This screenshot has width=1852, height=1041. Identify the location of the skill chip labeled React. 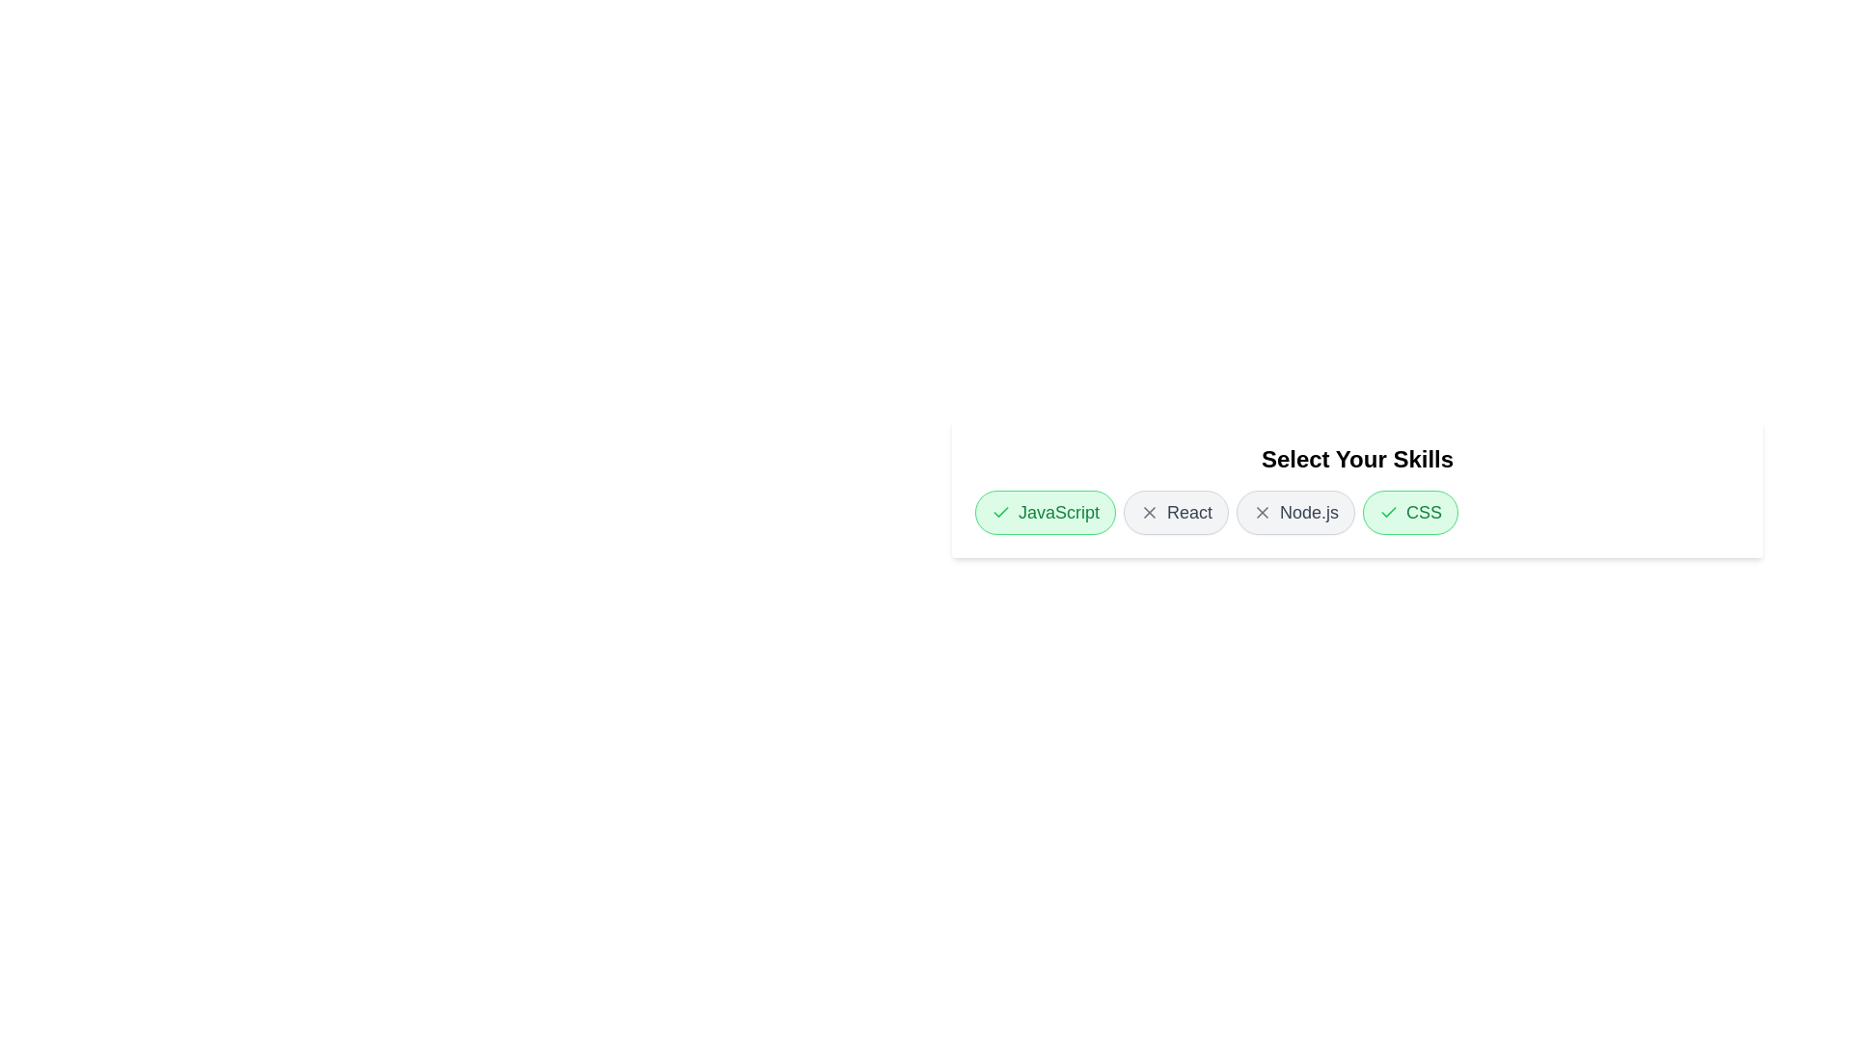
(1175, 512).